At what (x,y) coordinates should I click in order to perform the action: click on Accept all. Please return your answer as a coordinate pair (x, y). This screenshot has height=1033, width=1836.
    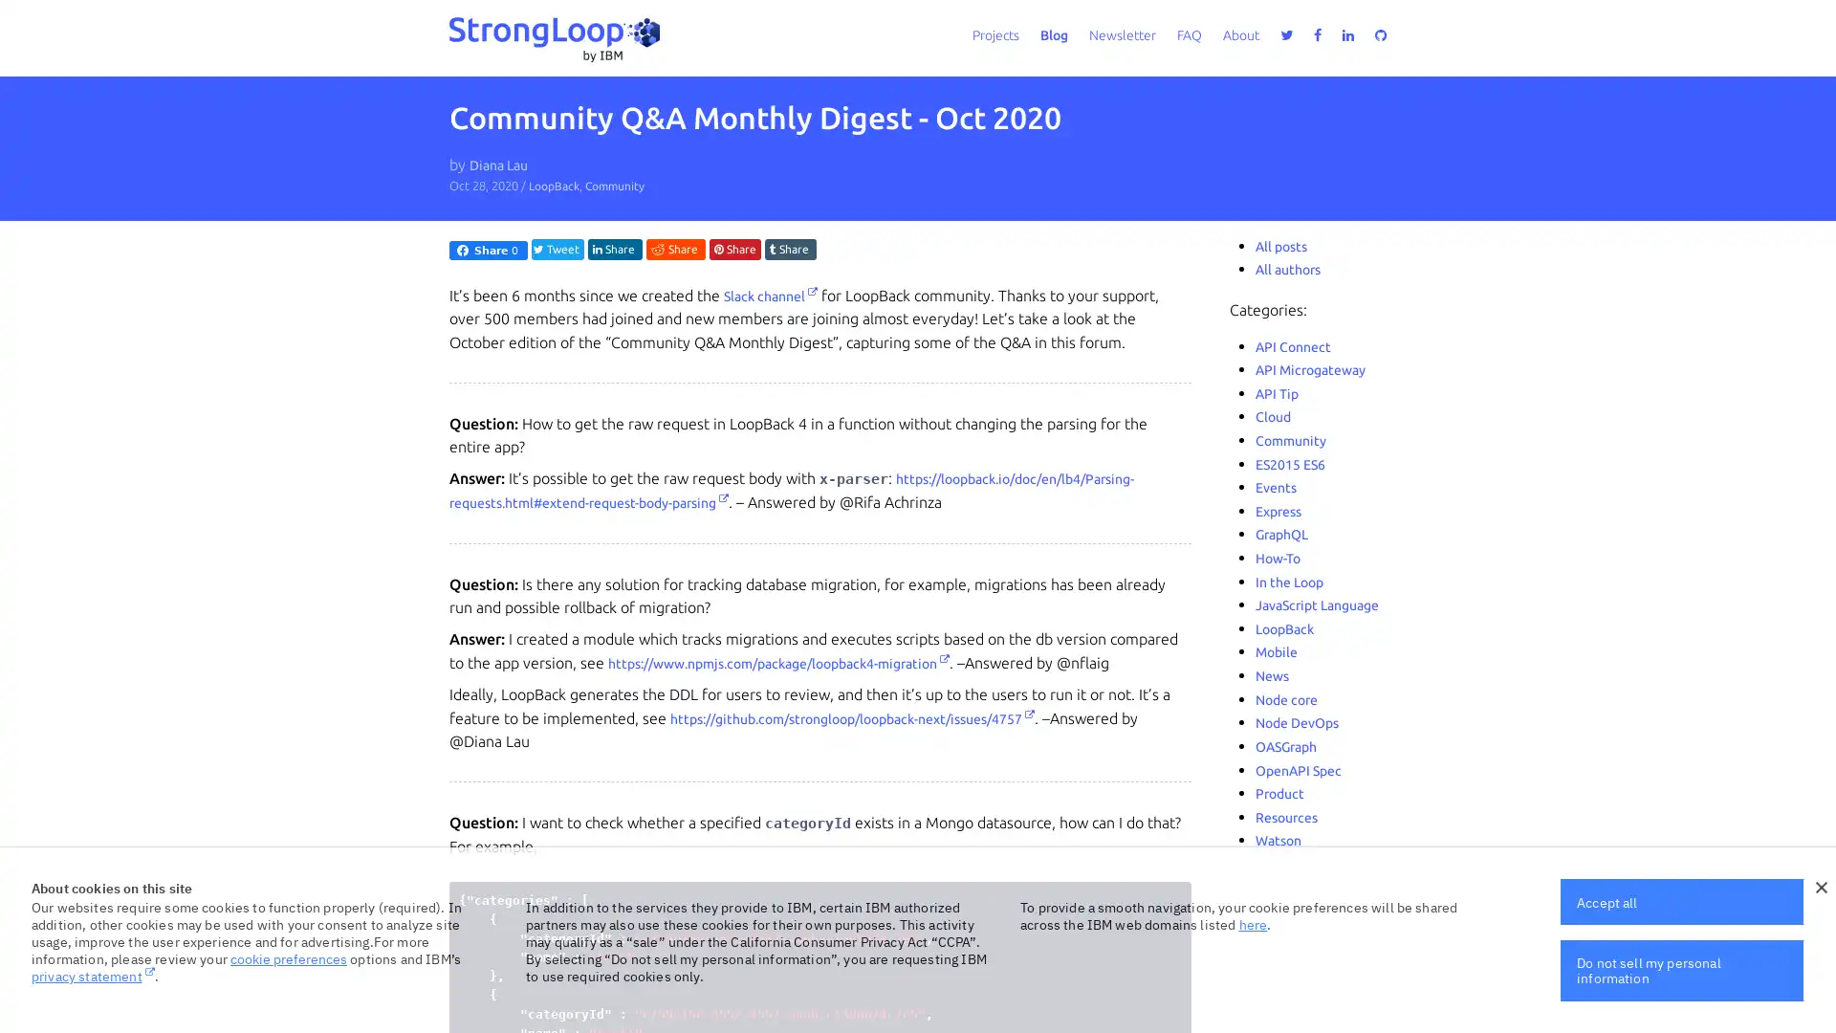
    Looking at the image, I should click on (1681, 901).